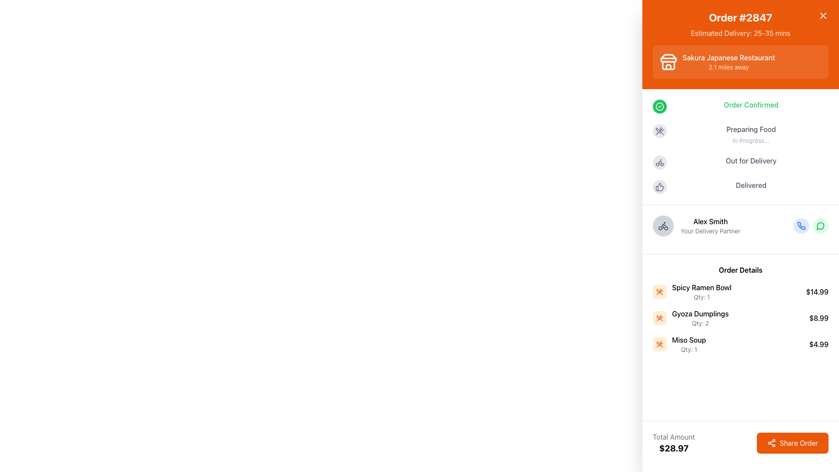  Describe the element at coordinates (740, 292) in the screenshot. I see `the first item in the 'Order Details' section that displays the ordered item's name, quantity, and price` at that location.